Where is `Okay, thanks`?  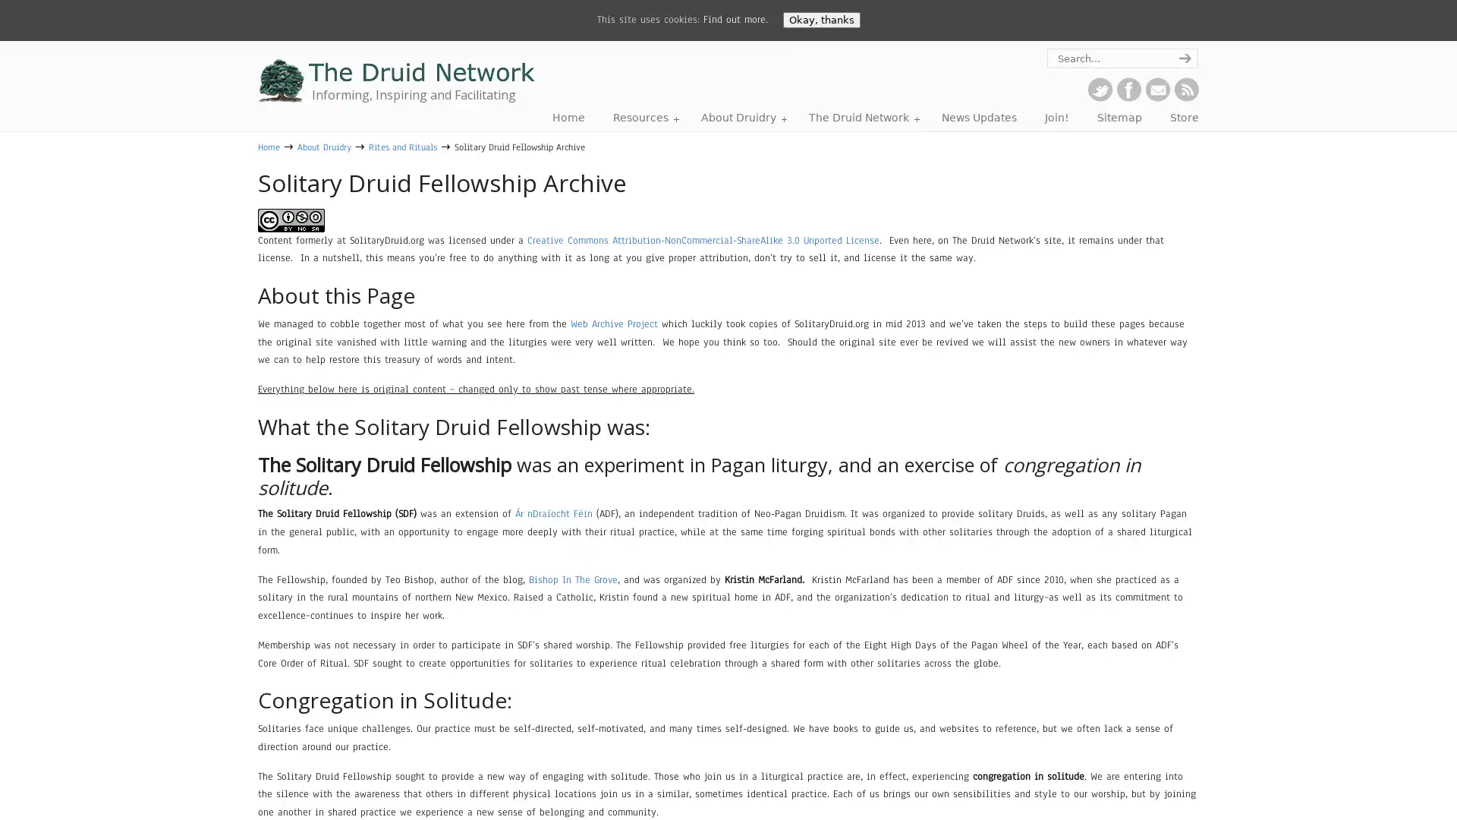
Okay, thanks is located at coordinates (820, 20).